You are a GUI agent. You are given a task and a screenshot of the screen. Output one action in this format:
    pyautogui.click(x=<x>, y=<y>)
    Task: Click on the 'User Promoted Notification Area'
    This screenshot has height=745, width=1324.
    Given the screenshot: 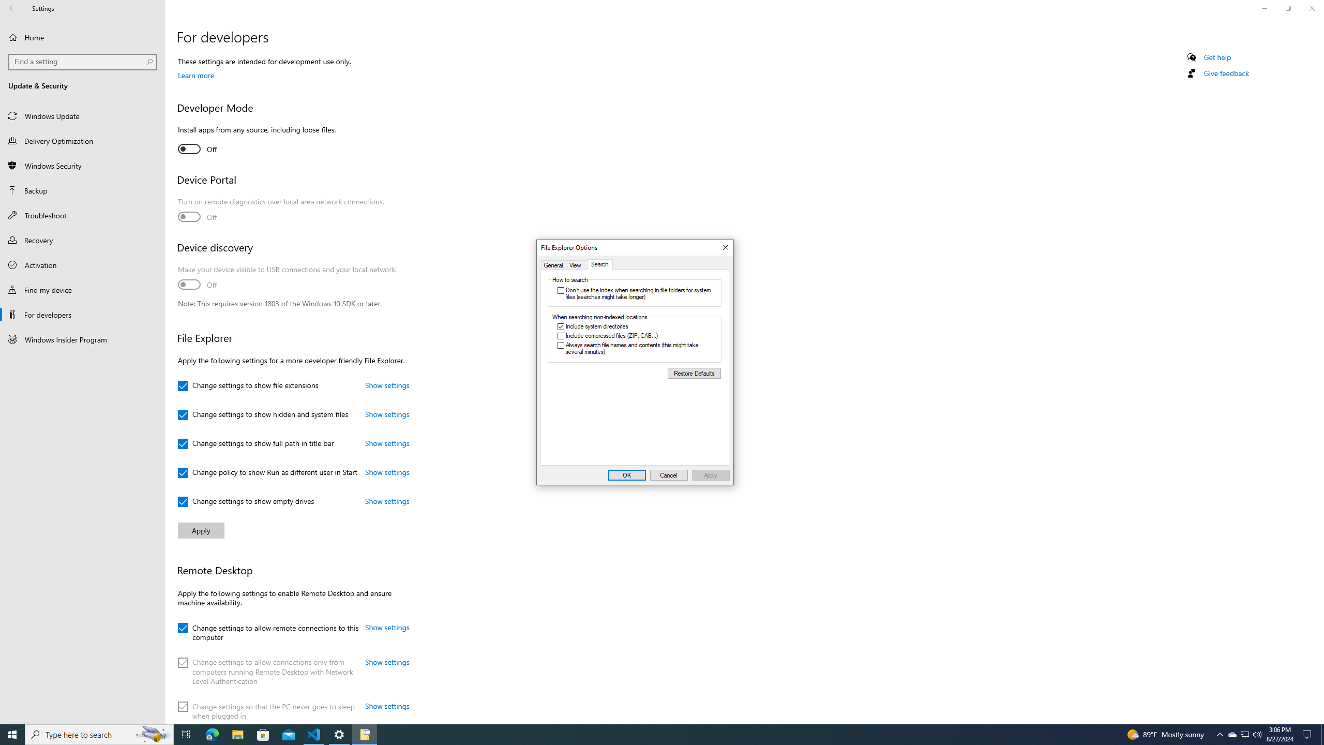 What is the action you would take?
    pyautogui.click(x=1244, y=734)
    